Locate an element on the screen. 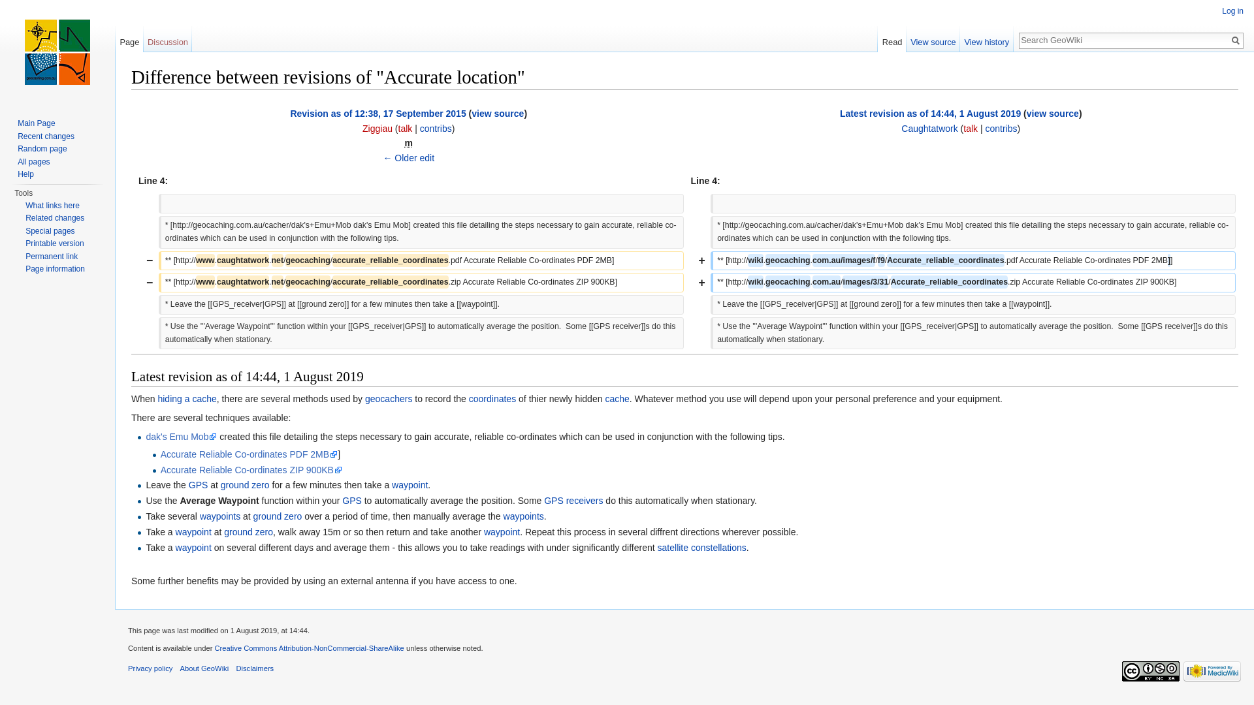 The width and height of the screenshot is (1254, 705). 'waypoints' is located at coordinates (199, 515).